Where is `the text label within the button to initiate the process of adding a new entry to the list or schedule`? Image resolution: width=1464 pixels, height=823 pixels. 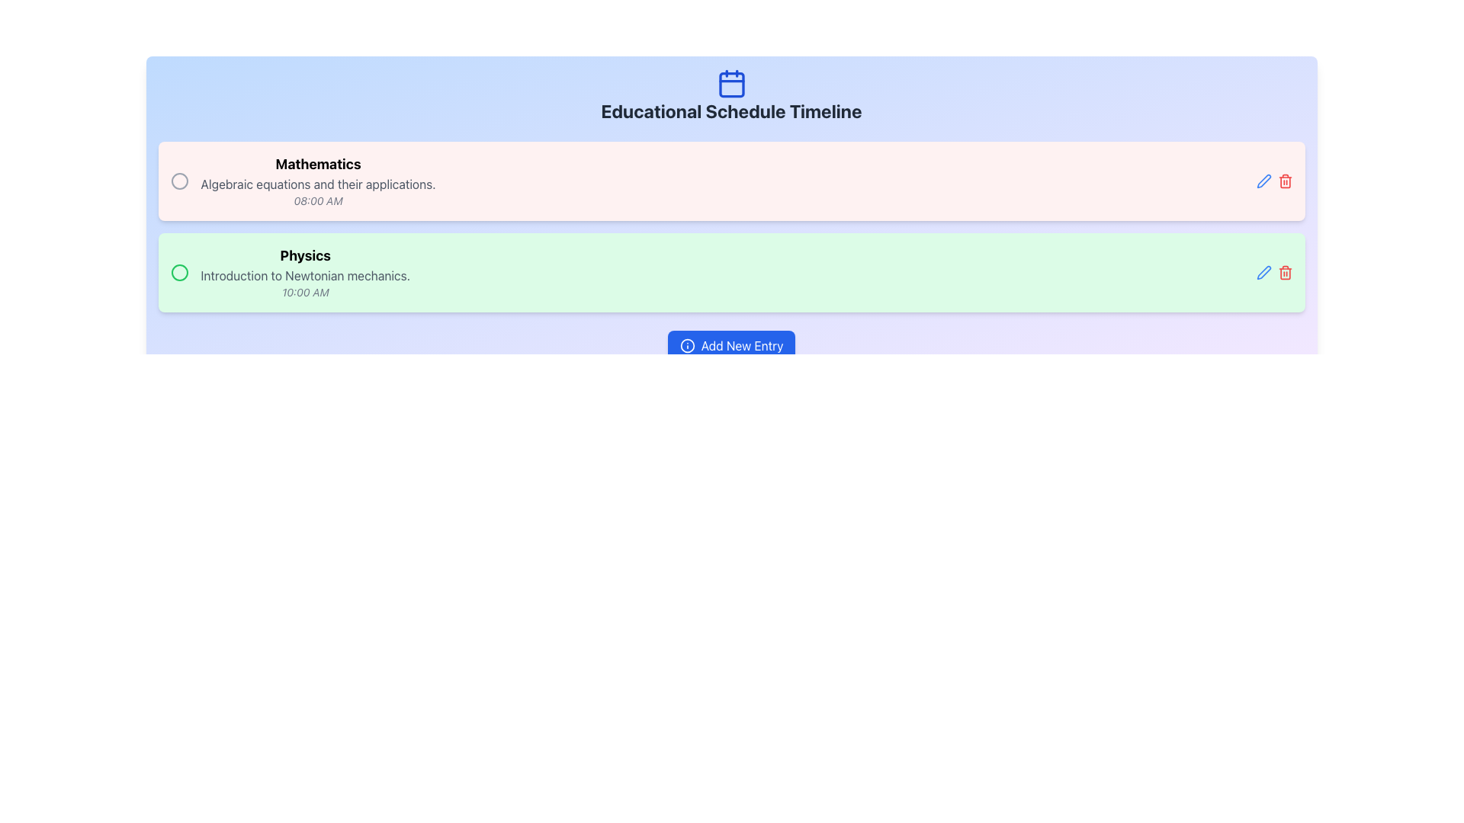
the text label within the button to initiate the process of adding a new entry to the list or schedule is located at coordinates (742, 346).